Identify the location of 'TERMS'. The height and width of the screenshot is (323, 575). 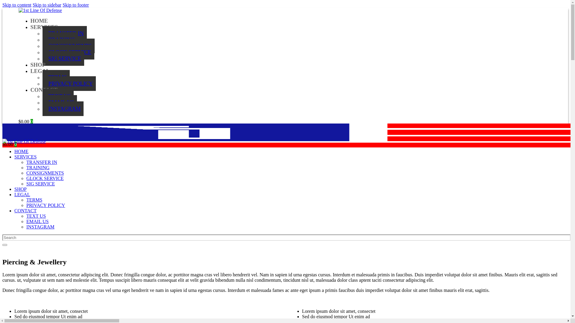
(56, 77).